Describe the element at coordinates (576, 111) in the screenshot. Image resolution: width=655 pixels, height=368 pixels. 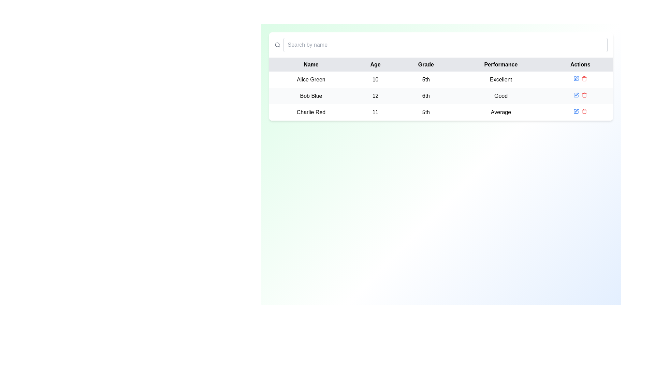
I see `the blue edit icon button in the 'Actions' column of the last row of the displayed table, aligned with the 'Charlie Red' entry` at that location.